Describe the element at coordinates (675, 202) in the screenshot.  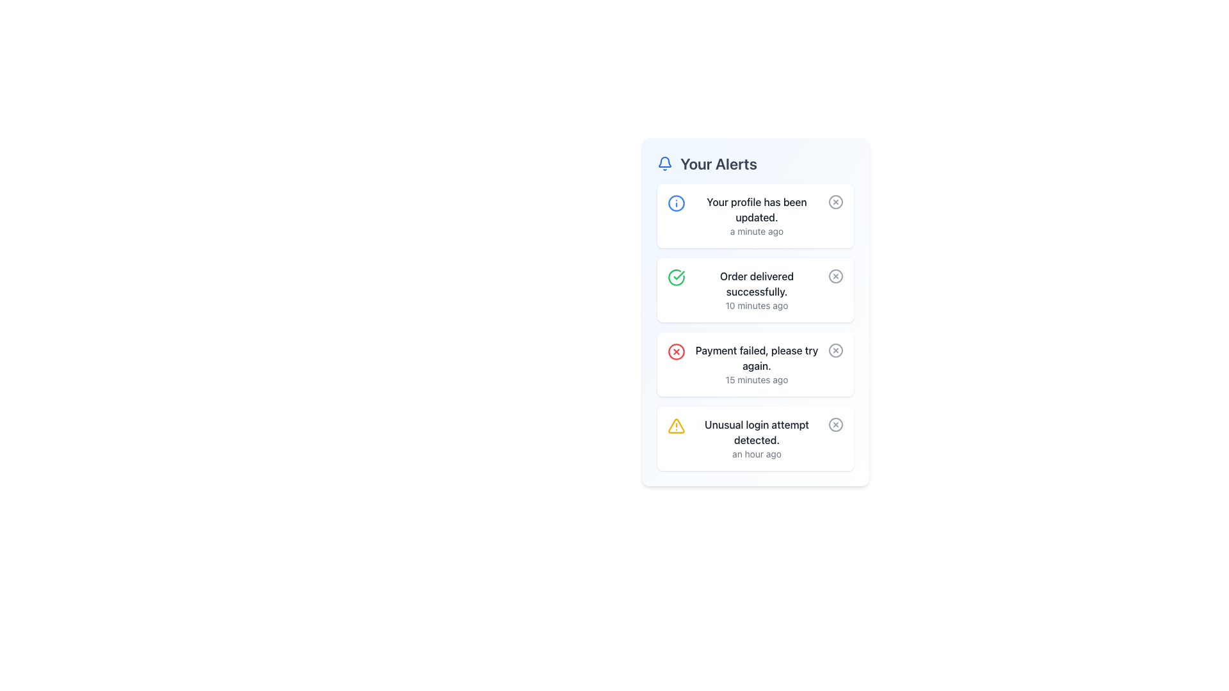
I see `the circular outline of the info icon located in the top-left corner of the alerts section, which features a blue stroke and is the first graphical element in the top-most alert entry` at that location.